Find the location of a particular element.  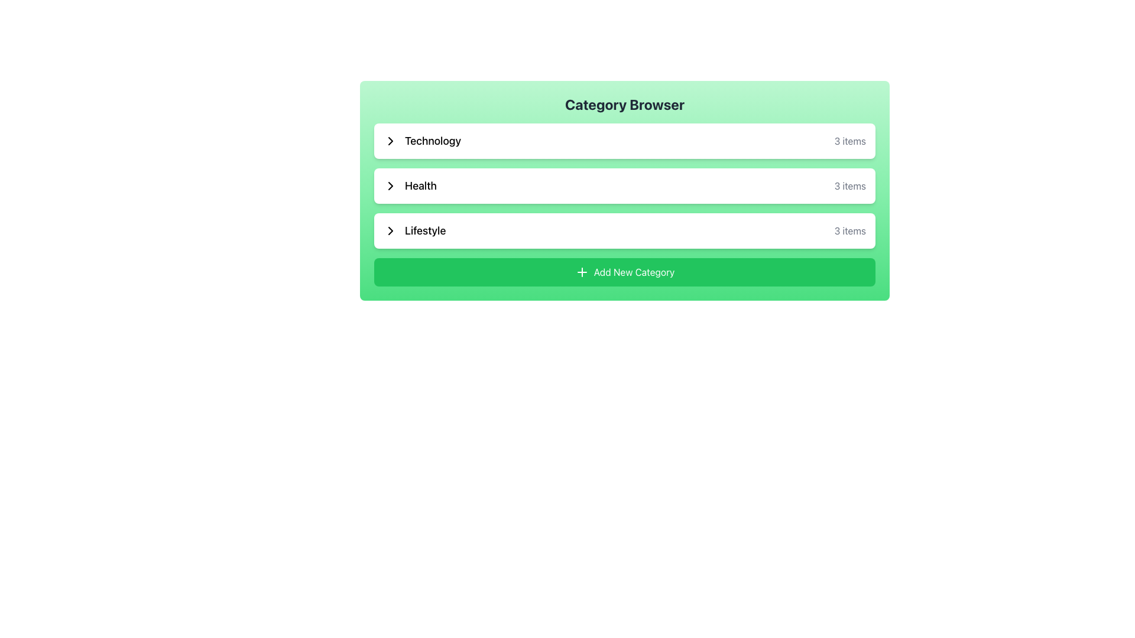

the Chevron icon for the 'Health' category in the Category Browser section is located at coordinates (391, 186).